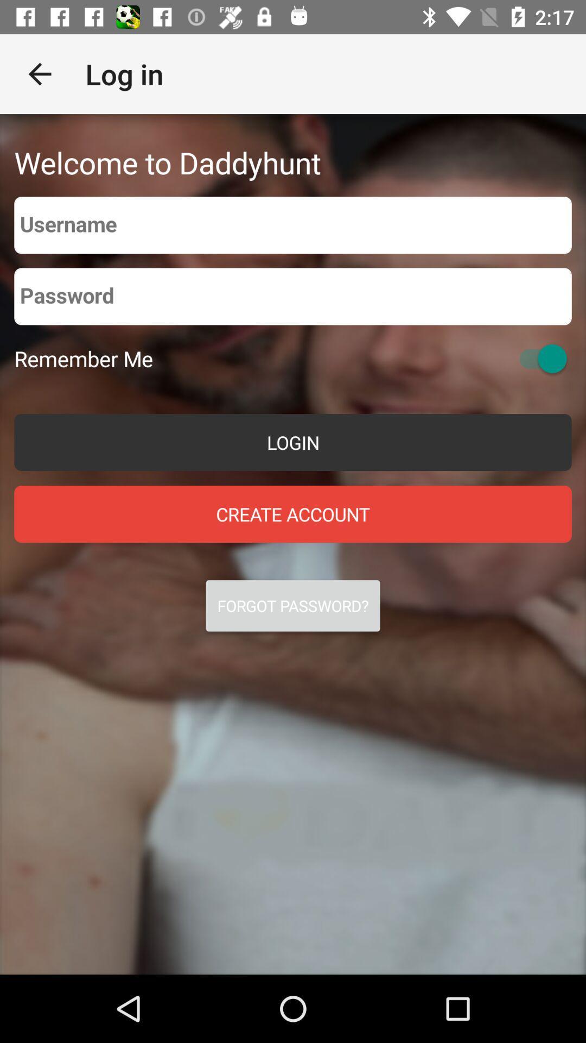  I want to click on the icon below the login, so click(293, 513).